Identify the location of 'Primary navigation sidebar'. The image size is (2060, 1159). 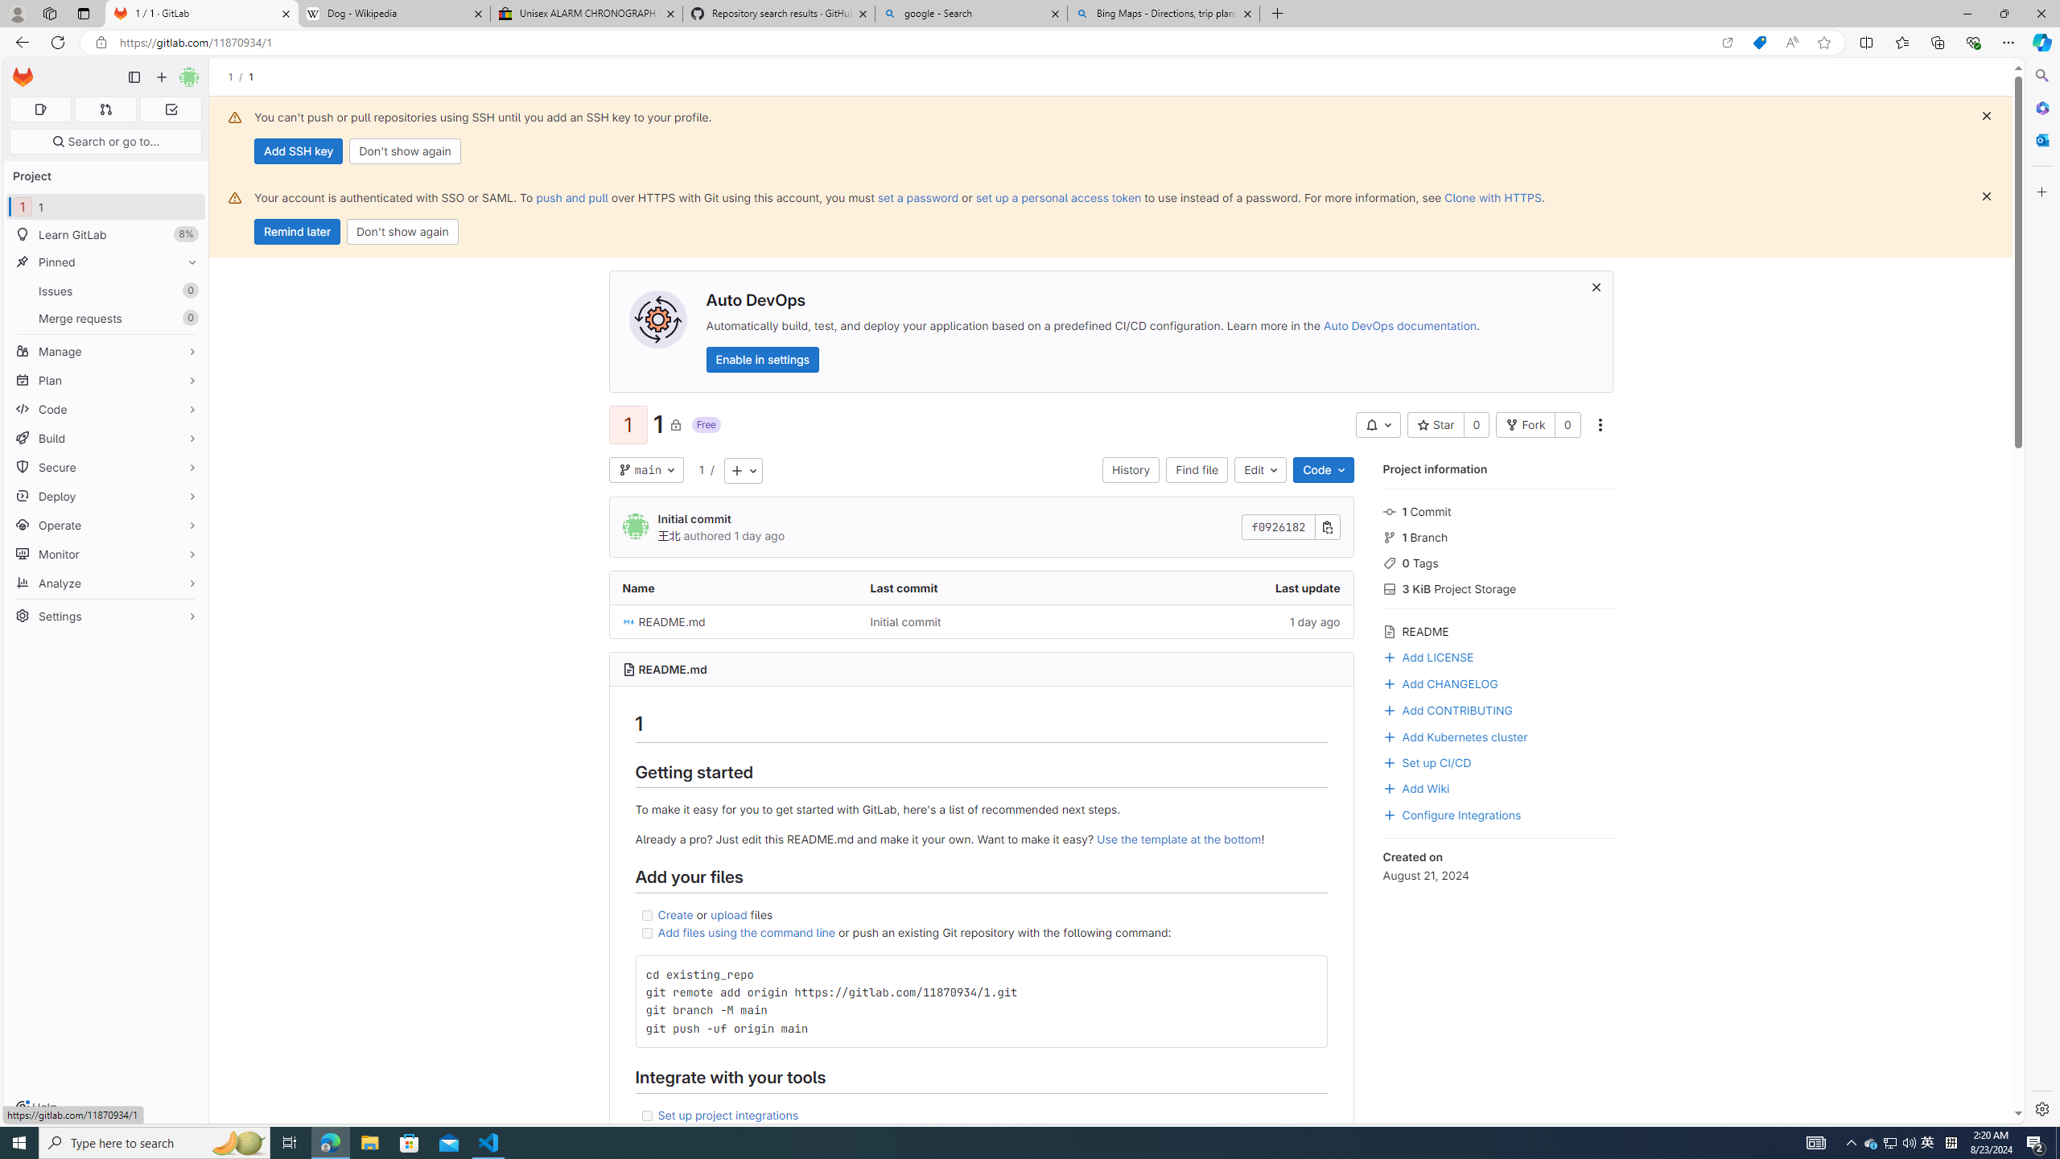
(134, 76).